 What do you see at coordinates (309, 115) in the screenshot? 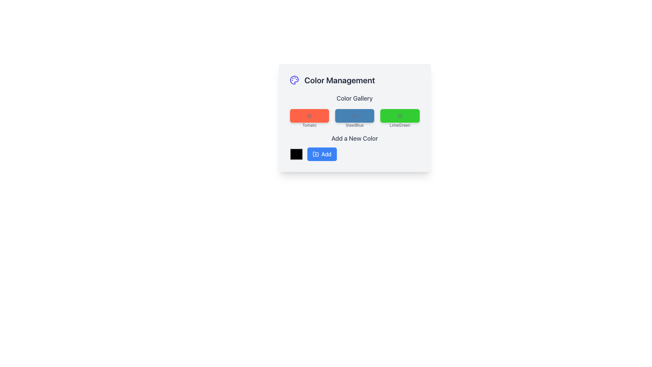
I see `the first star icon representing the Tomato color option, which is part of a row of three color options` at bounding box center [309, 115].